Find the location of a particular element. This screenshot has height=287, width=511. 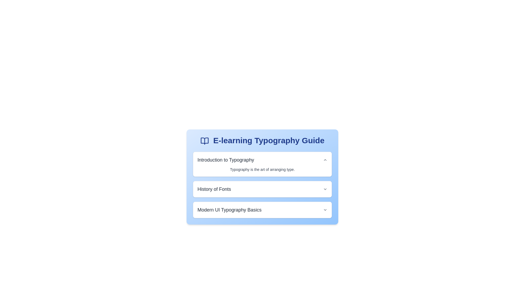

descriptive text displayed below the title 'Introduction to Typography' in the first dropdown section of the 'E-learning Typography Guide' is located at coordinates (262, 169).